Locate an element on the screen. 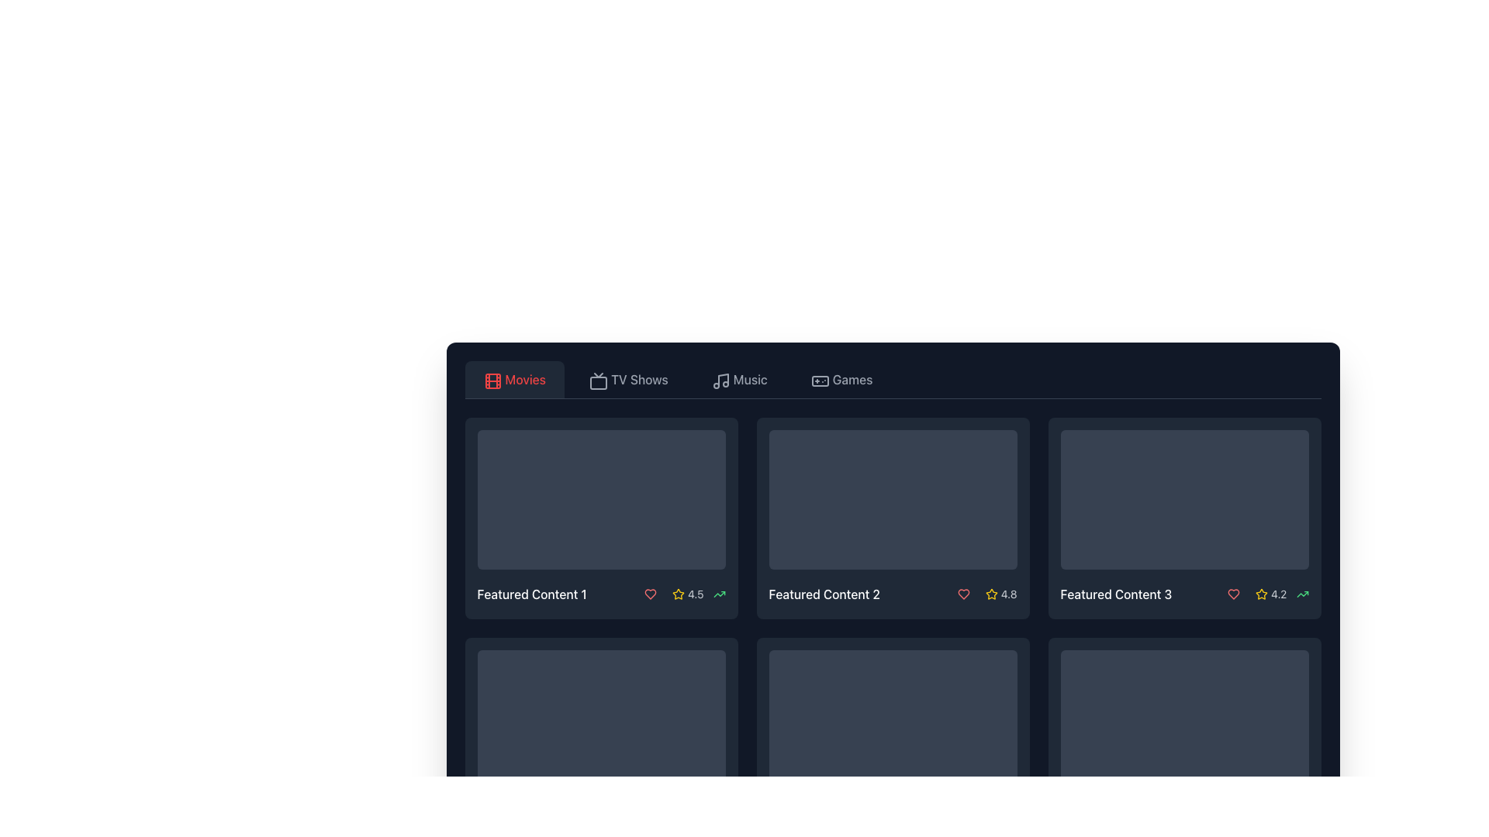  the text label displaying the numerical rating score located in the bottom-right area of the 'Featured Content 1' card, next to the yellow star icon is located at coordinates (695, 594).